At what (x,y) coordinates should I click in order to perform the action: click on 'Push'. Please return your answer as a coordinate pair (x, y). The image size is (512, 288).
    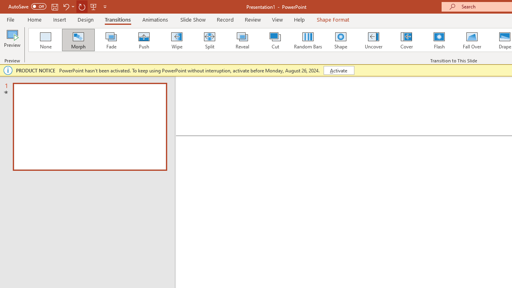
    Looking at the image, I should click on (144, 40).